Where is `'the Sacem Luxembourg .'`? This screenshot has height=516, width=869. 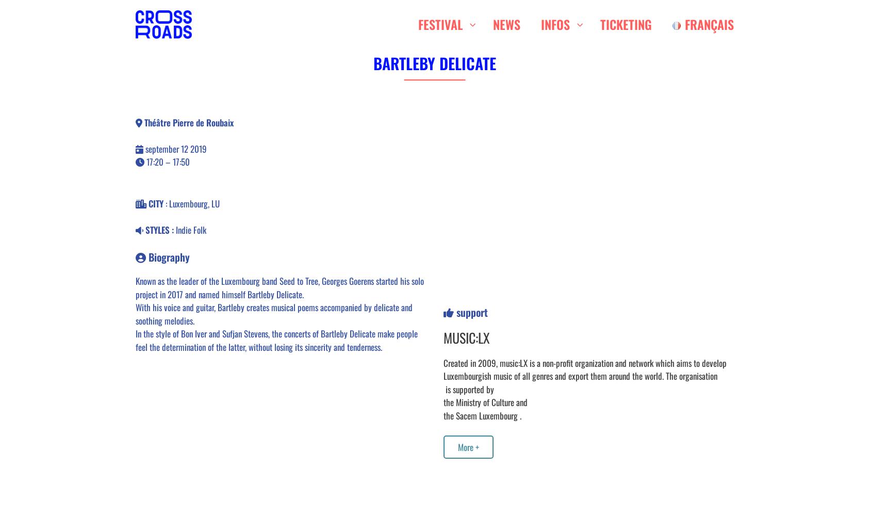
'the Sacem Luxembourg .' is located at coordinates (482, 415).